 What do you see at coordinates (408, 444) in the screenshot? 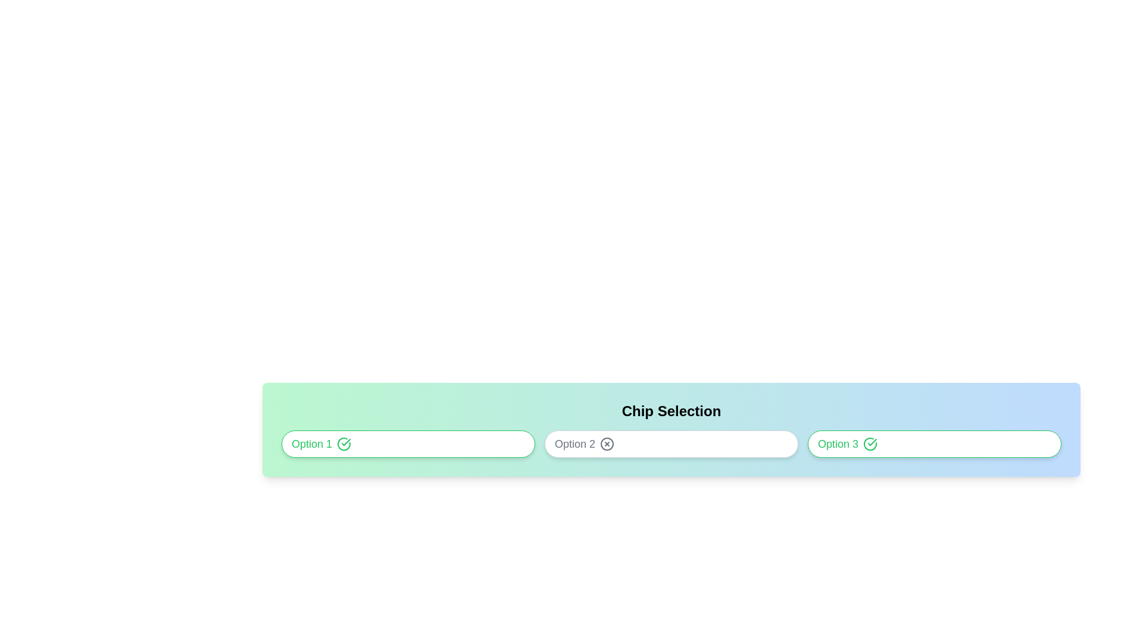
I see `the chip labeled Option 1 to toggle its active state` at bounding box center [408, 444].